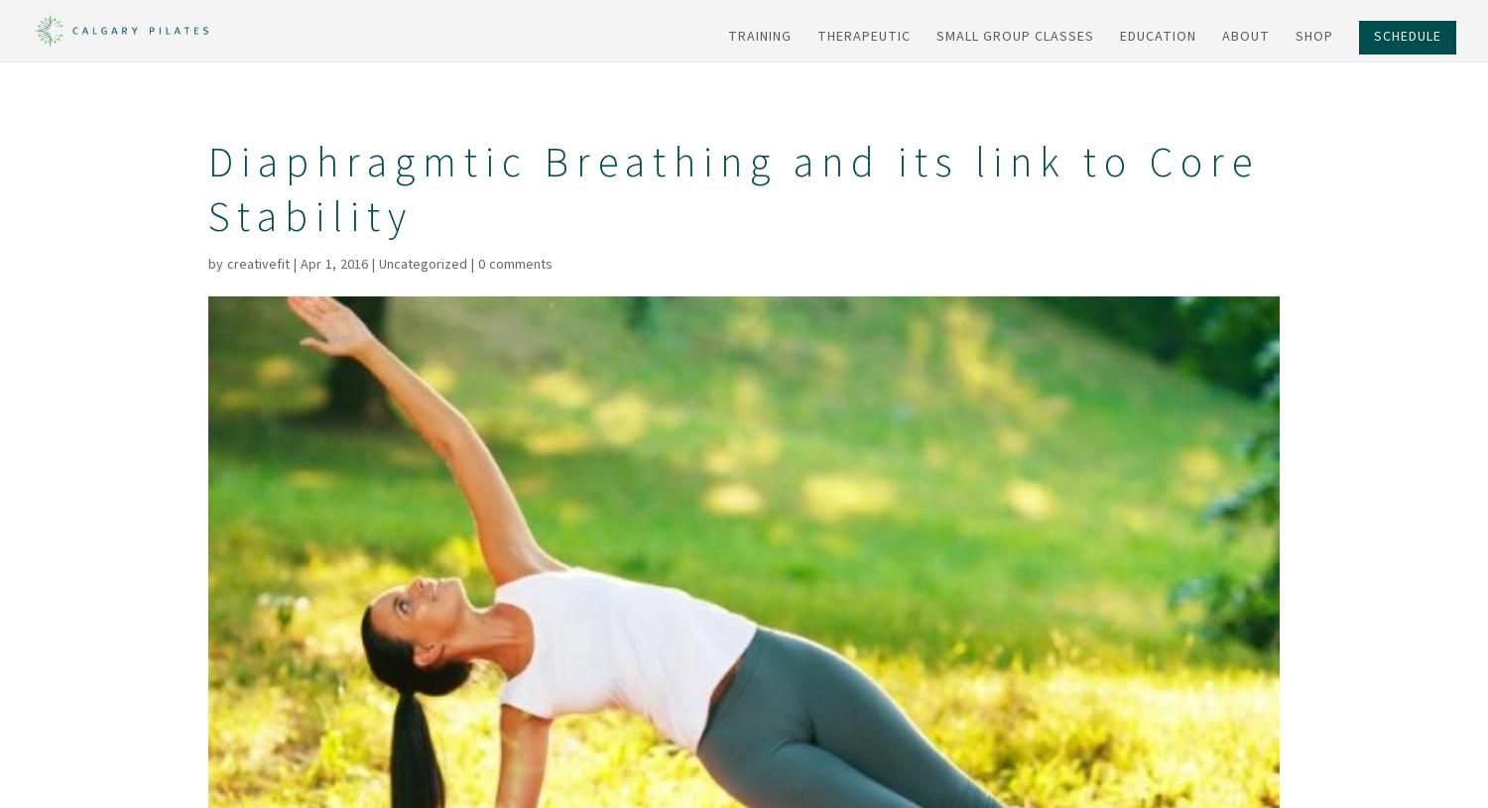 This screenshot has width=1488, height=808. What do you see at coordinates (216, 264) in the screenshot?
I see `'by'` at bounding box center [216, 264].